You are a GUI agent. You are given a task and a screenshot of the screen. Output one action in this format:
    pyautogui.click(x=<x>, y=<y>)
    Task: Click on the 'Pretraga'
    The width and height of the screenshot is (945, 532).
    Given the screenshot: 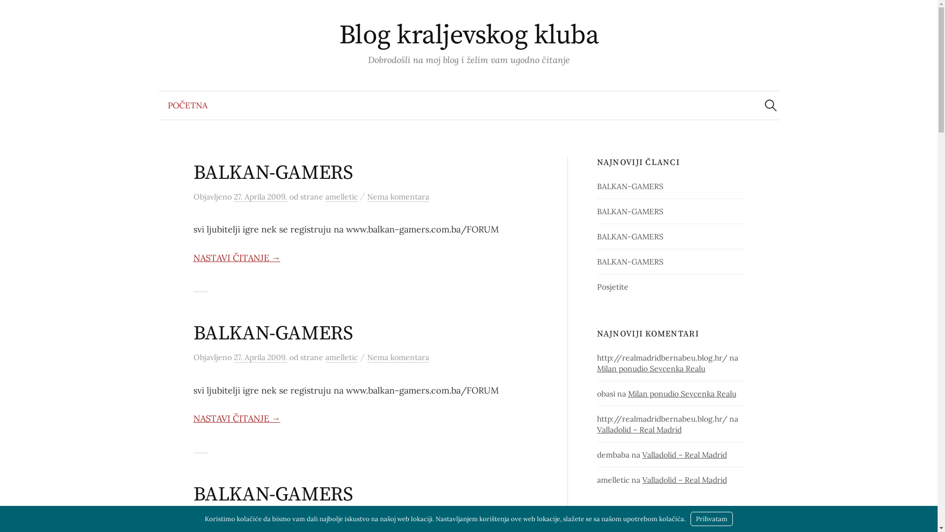 What is the action you would take?
    pyautogui.click(x=12, y=12)
    